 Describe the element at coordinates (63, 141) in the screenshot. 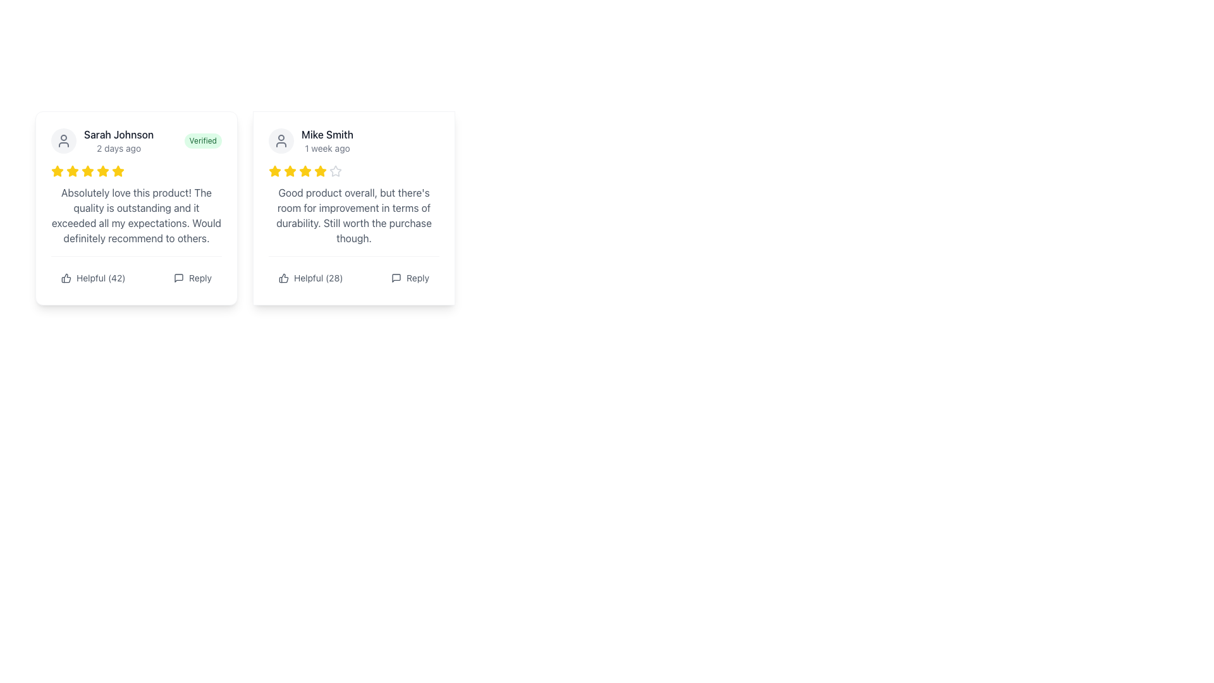

I see `the user profile icon representing 'Sarah Johnson'` at that location.